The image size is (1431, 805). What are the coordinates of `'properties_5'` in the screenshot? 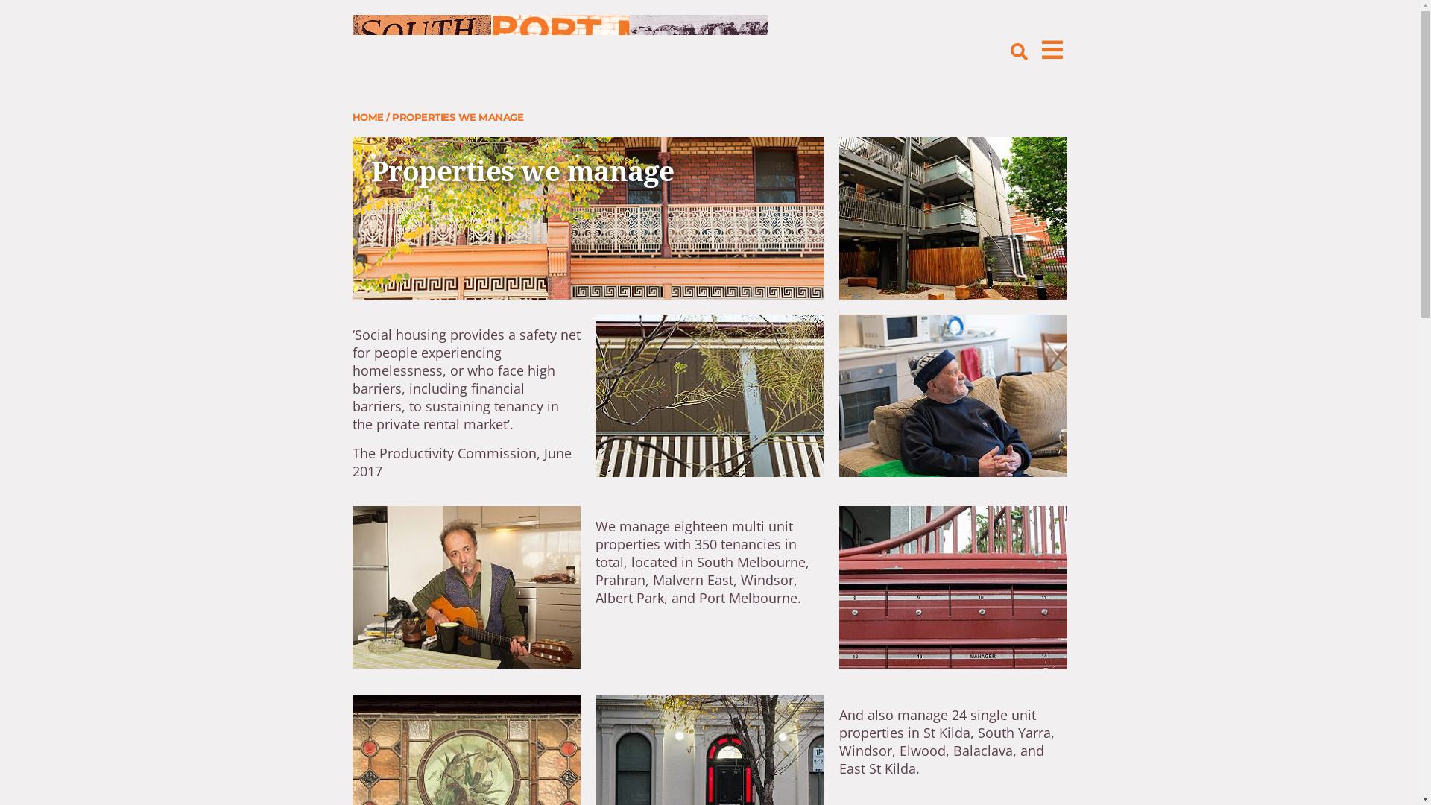 It's located at (952, 586).